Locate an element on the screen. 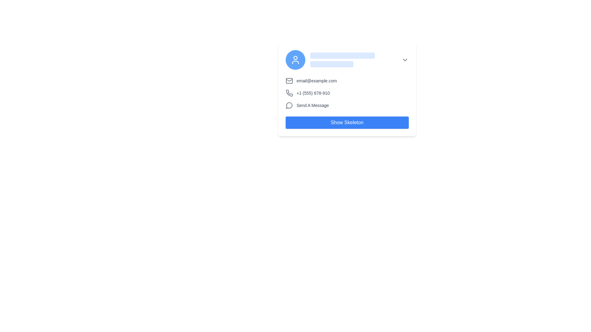 Image resolution: width=591 pixels, height=332 pixels. the circular user icon with a white symbol on a blue background located at the top-left corner of the card-like area is located at coordinates (295, 60).